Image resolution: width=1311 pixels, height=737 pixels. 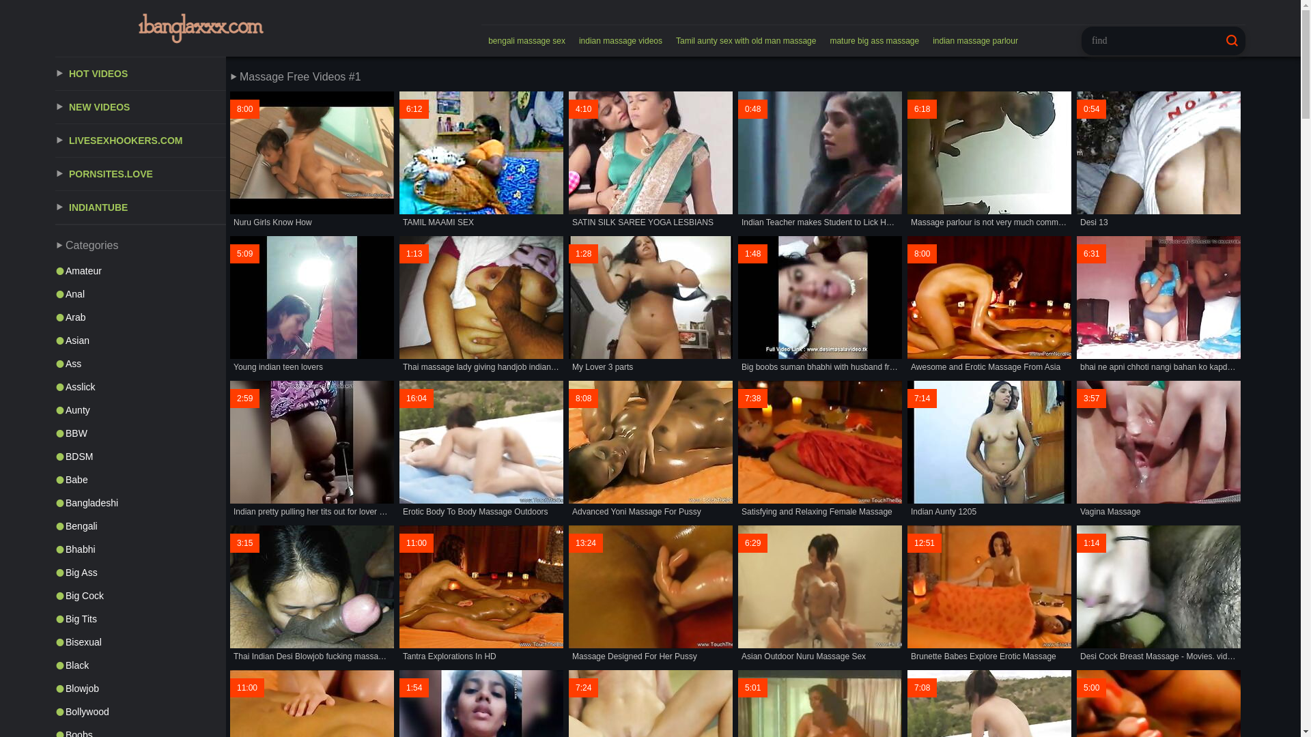 What do you see at coordinates (141, 525) in the screenshot?
I see `'Bengali'` at bounding box center [141, 525].